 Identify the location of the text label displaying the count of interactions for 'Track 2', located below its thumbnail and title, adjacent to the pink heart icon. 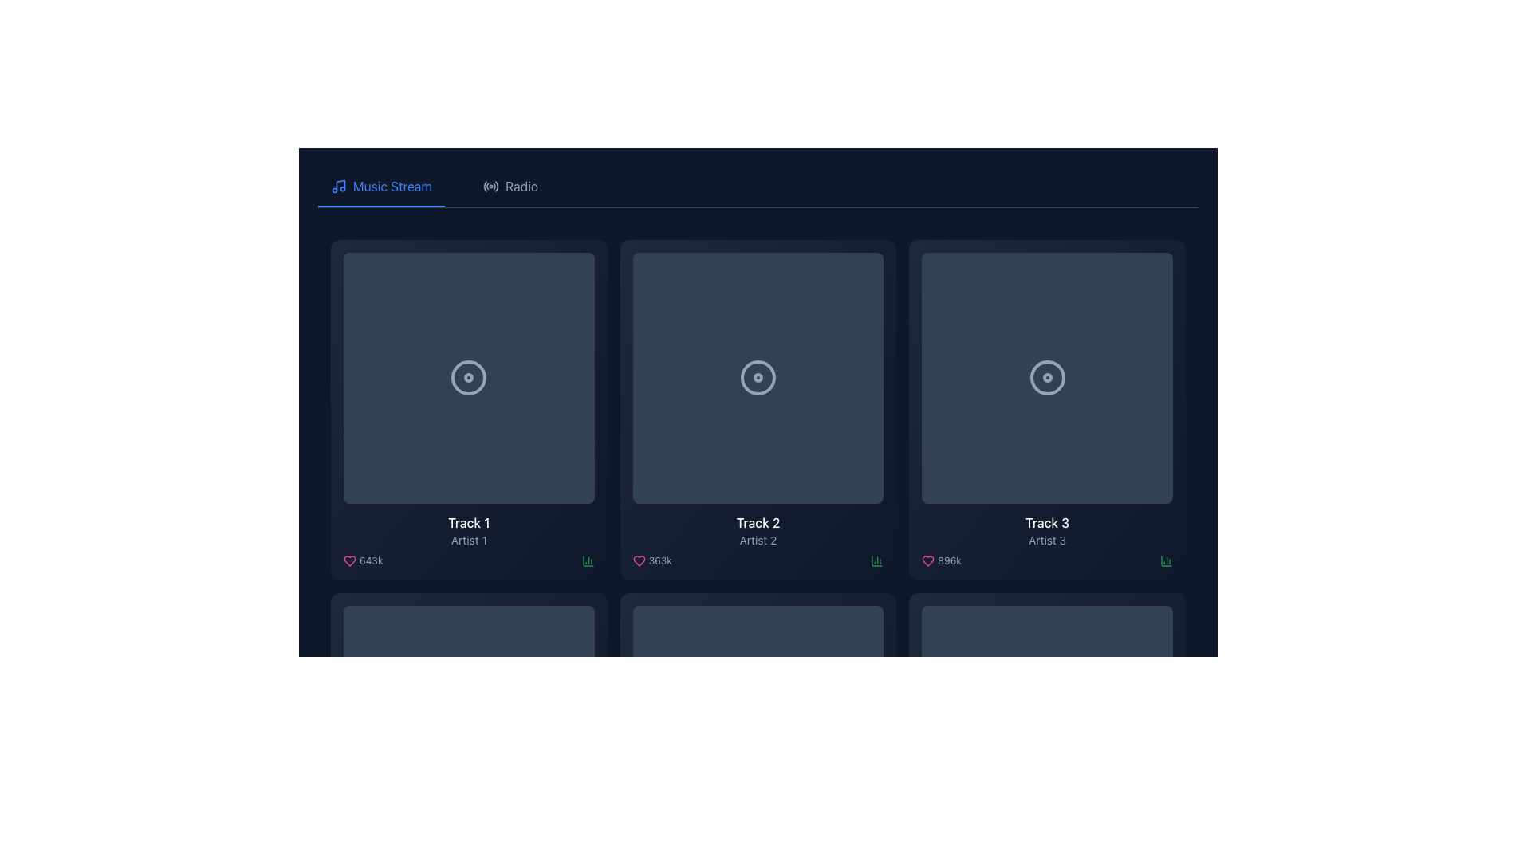
(660, 560).